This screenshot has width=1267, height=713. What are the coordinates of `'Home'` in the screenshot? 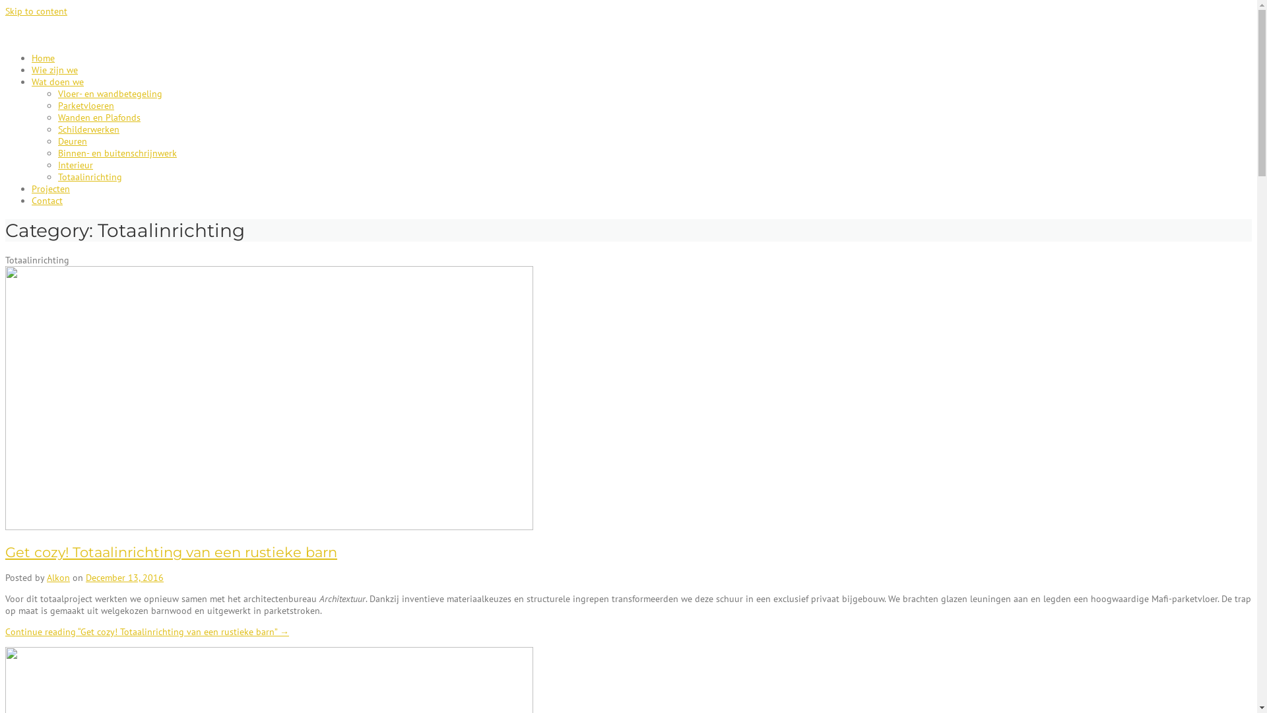 It's located at (32, 57).